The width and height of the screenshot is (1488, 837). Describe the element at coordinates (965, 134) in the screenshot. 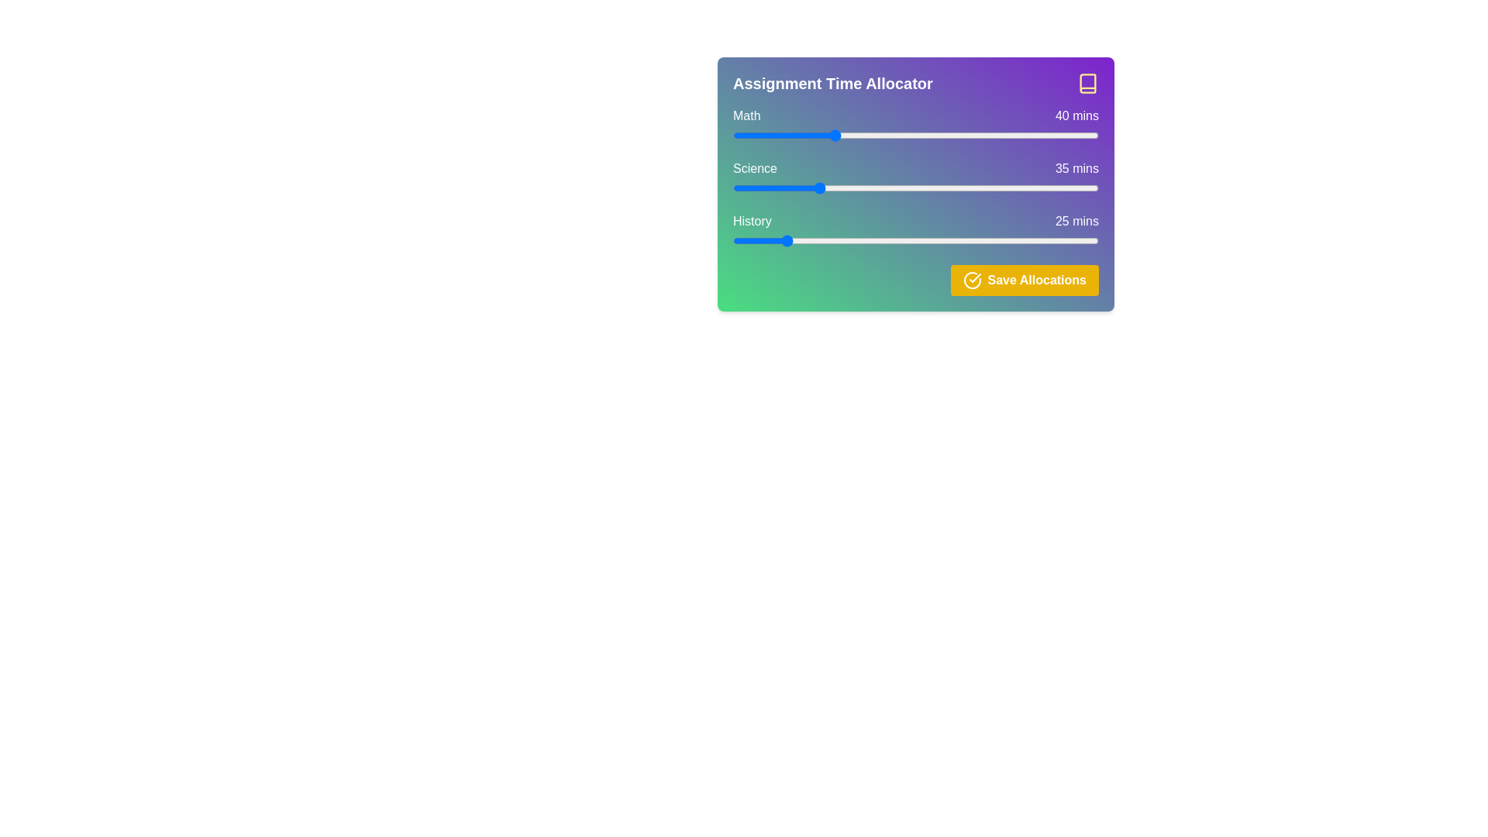

I see `the time allocation for Math` at that location.